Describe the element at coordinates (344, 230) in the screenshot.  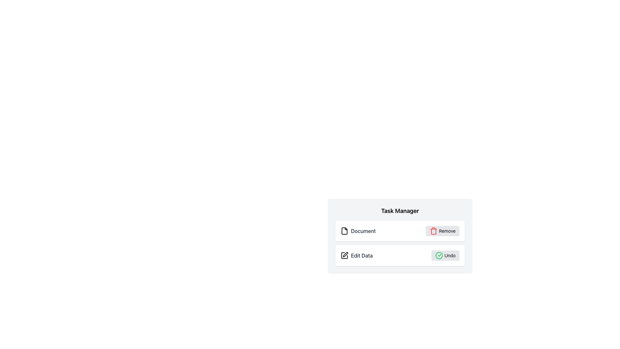
I see `the document-related icon located to the left of the 'Document' text label in the 'Task Manager' panel for interaction` at that location.